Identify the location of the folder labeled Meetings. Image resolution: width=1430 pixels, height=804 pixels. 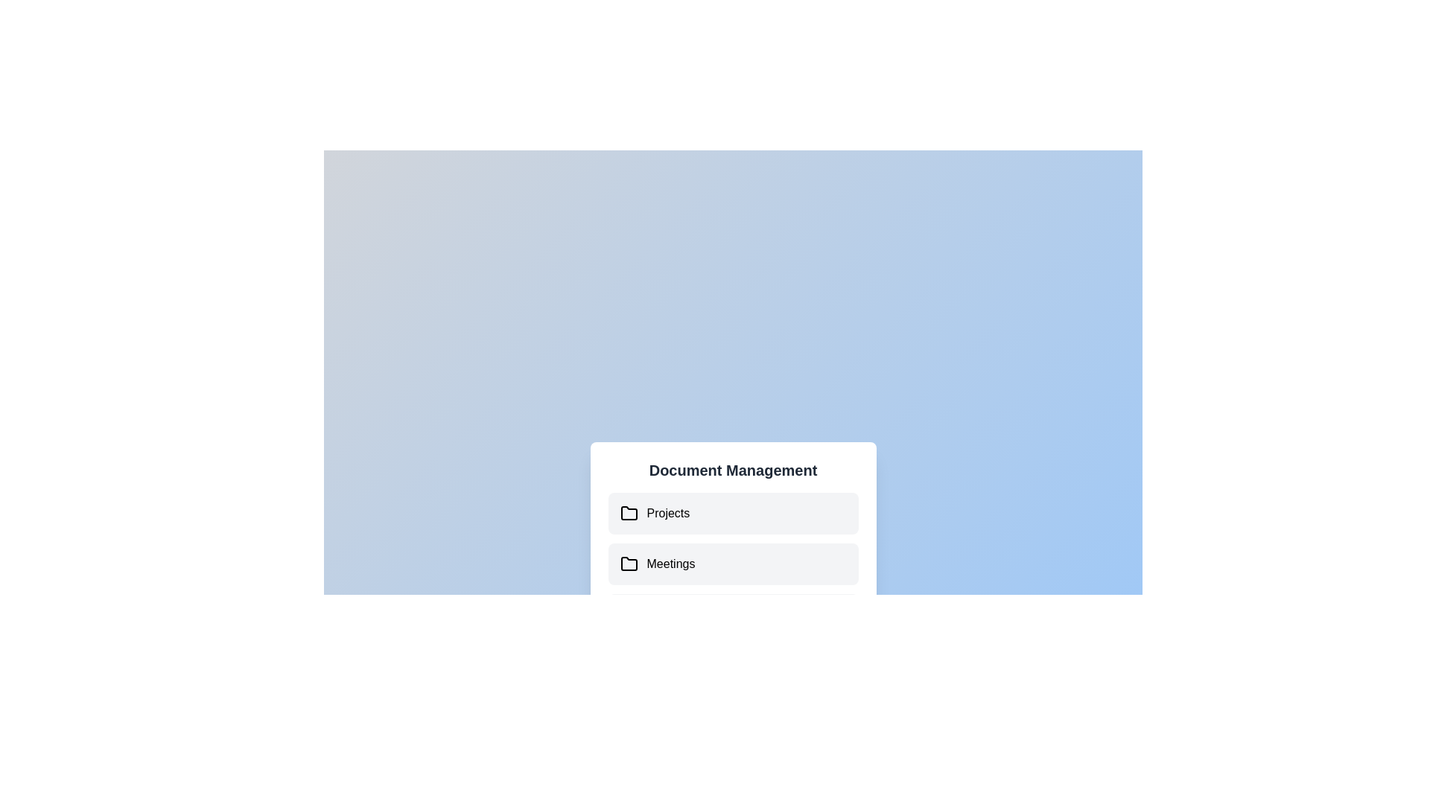
(621, 564).